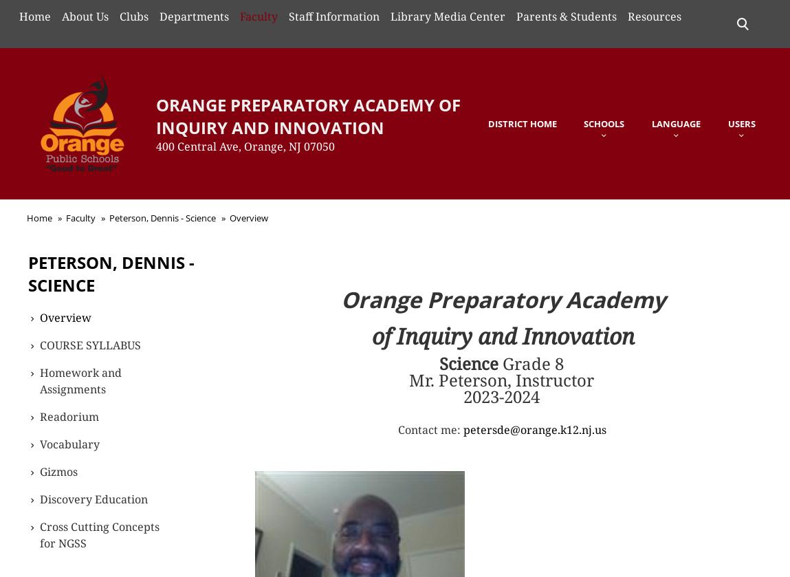 Image resolution: width=790 pixels, height=577 pixels. I want to click on 'Gizmos', so click(39, 470).